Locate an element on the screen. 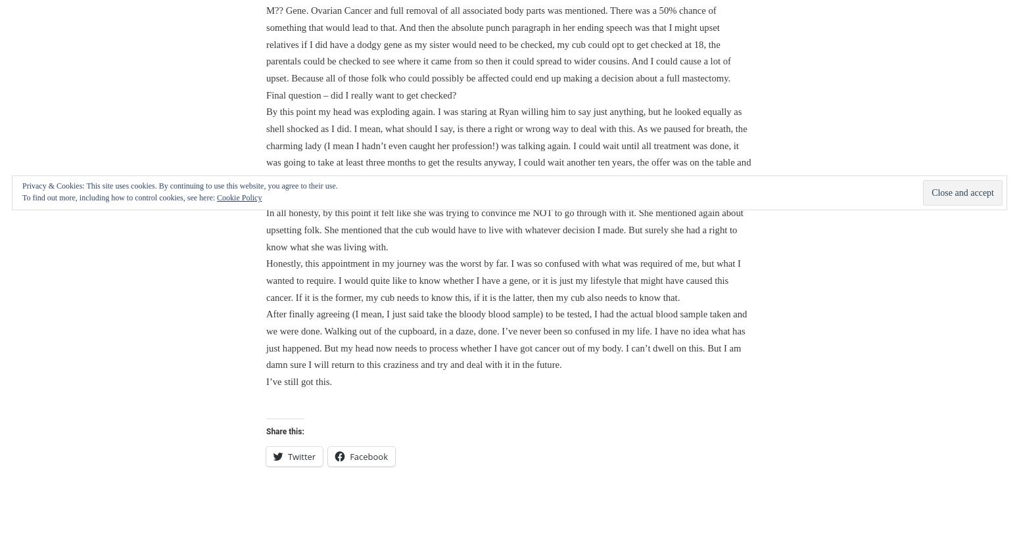 Image resolution: width=1019 pixels, height=546 pixels. 'To find out more, including how to control cookies, see here:' is located at coordinates (118, 197).